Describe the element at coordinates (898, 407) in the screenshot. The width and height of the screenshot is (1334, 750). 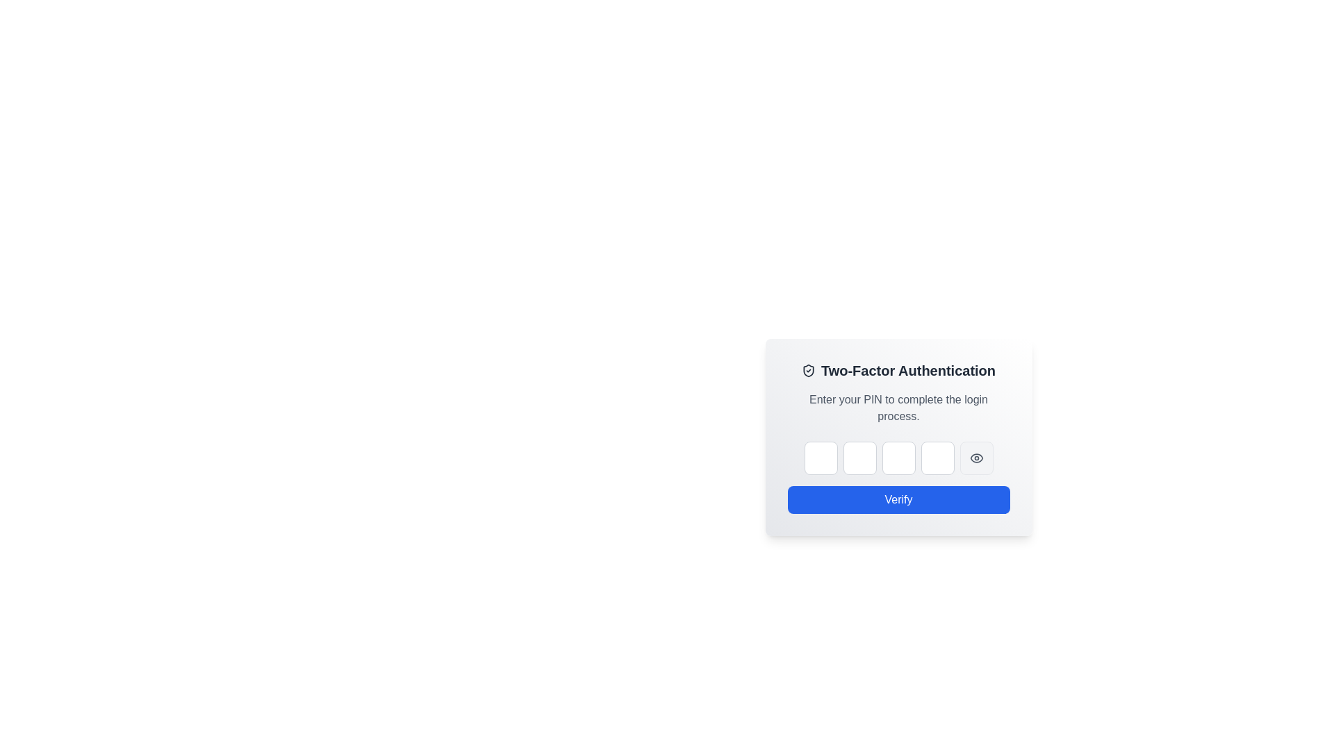
I see `the informational text prompting the user to enter their PIN, located within the 'Two-Factor Authentication' card interface` at that location.